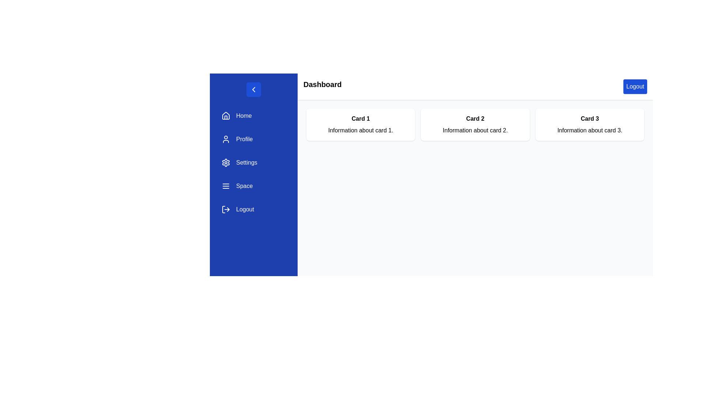 The height and width of the screenshot is (395, 702). I want to click on the text label displaying 'Card 3', which is bold and located at the top of the rightmost card in a set of three cards, so click(590, 118).